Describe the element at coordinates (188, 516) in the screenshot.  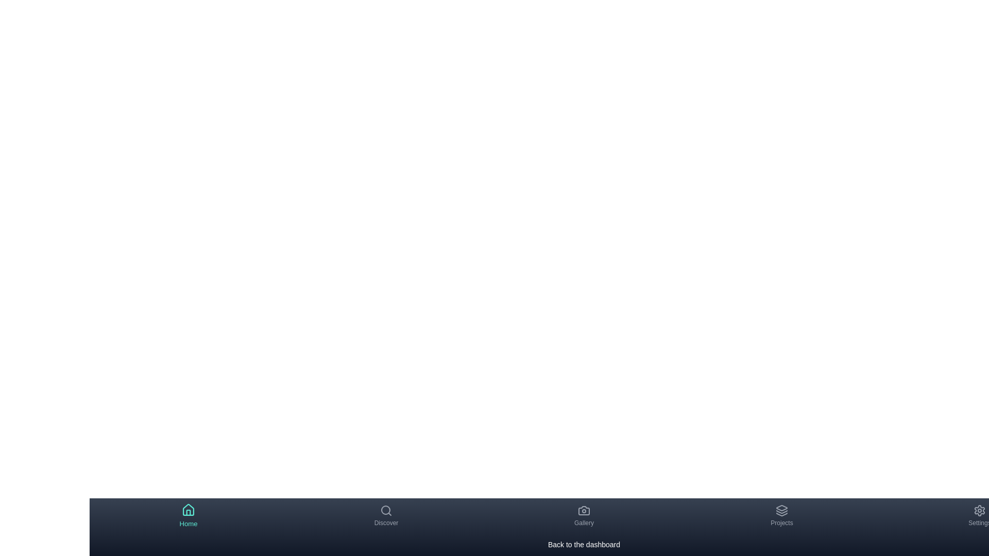
I see `the navigation item labeled Home to view its description` at that location.